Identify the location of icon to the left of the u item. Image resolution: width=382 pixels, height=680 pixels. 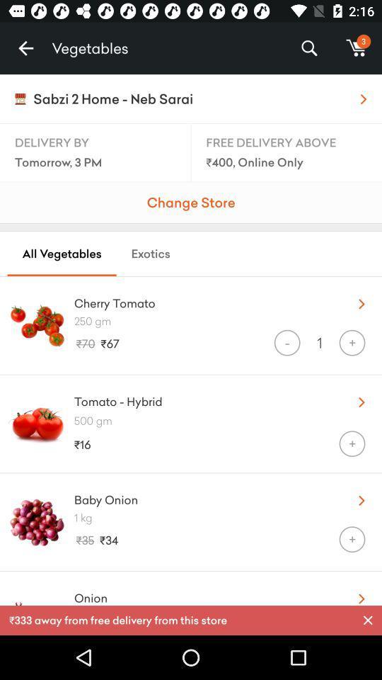
(203, 497).